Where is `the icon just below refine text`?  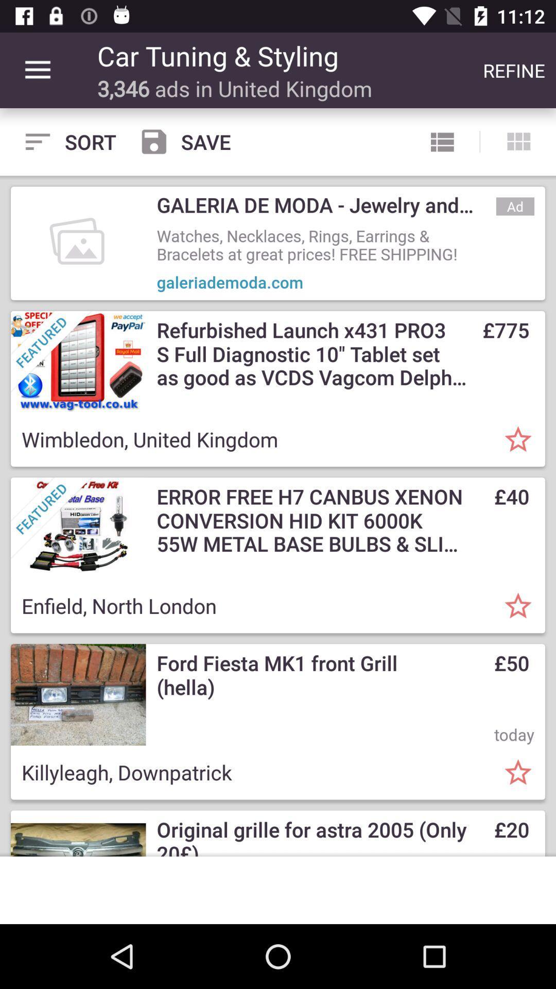 the icon just below refine text is located at coordinates (518, 141).